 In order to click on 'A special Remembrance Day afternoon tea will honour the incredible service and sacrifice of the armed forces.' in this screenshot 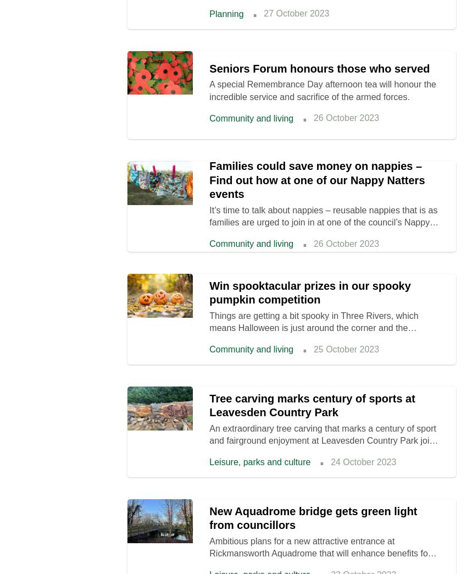, I will do `click(323, 90)`.